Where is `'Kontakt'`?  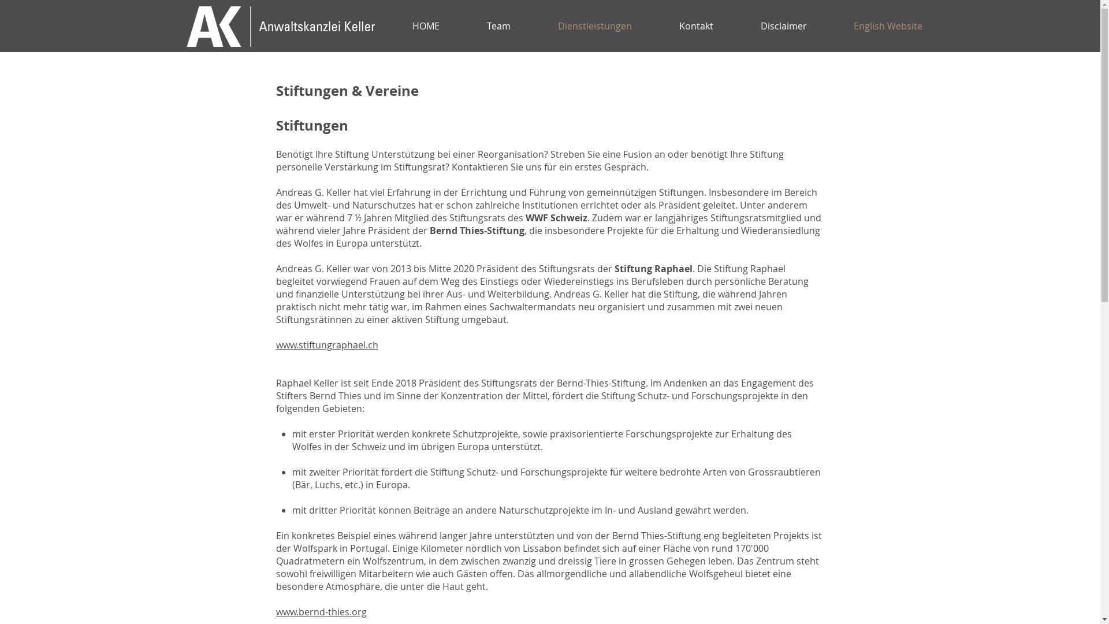 'Kontakt' is located at coordinates (695, 26).